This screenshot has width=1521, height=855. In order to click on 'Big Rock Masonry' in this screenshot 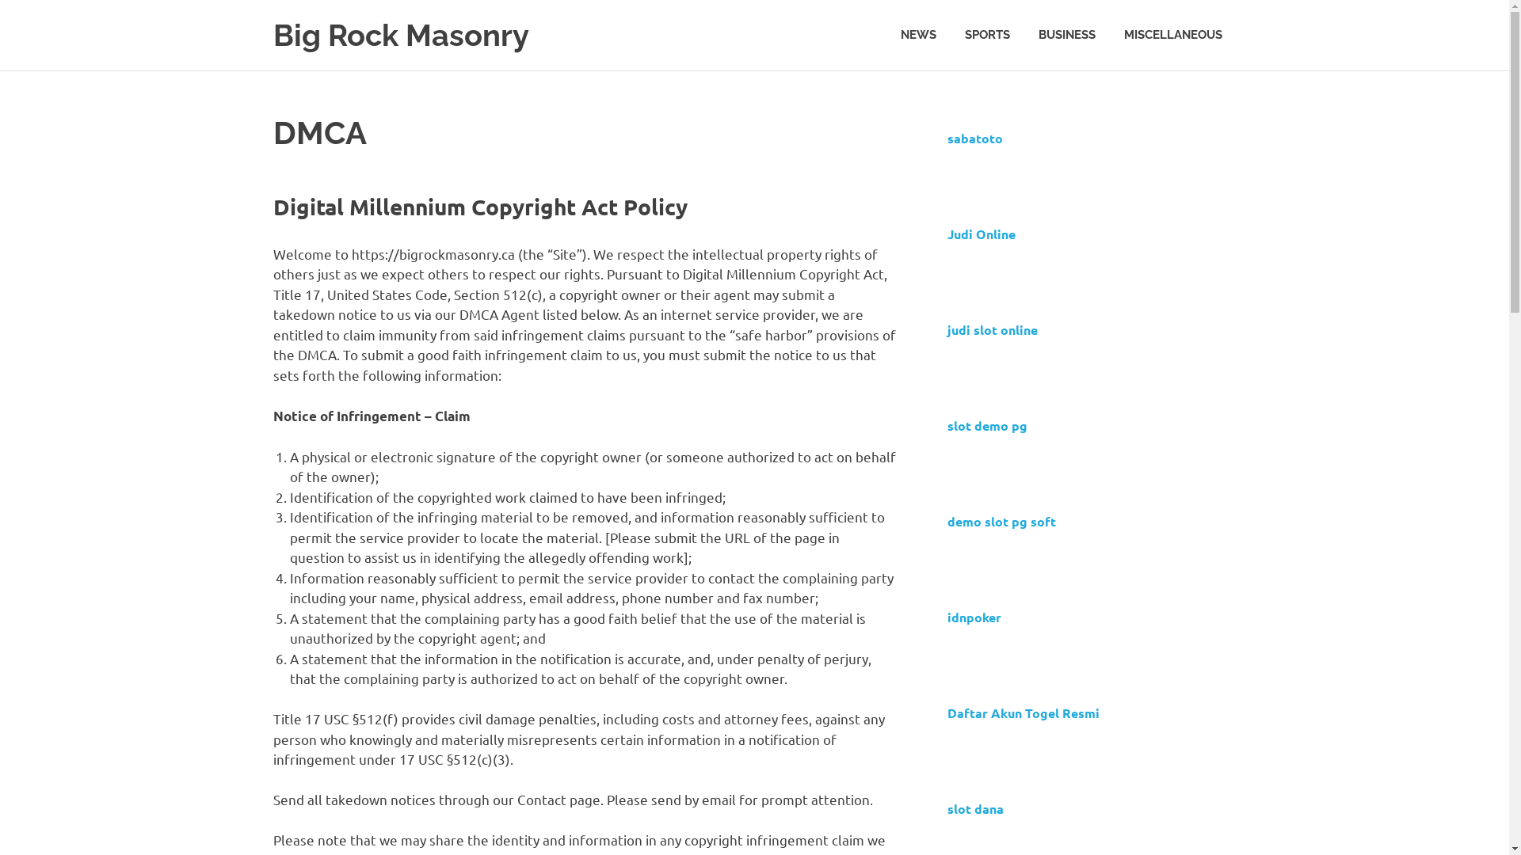, I will do `click(400, 35)`.